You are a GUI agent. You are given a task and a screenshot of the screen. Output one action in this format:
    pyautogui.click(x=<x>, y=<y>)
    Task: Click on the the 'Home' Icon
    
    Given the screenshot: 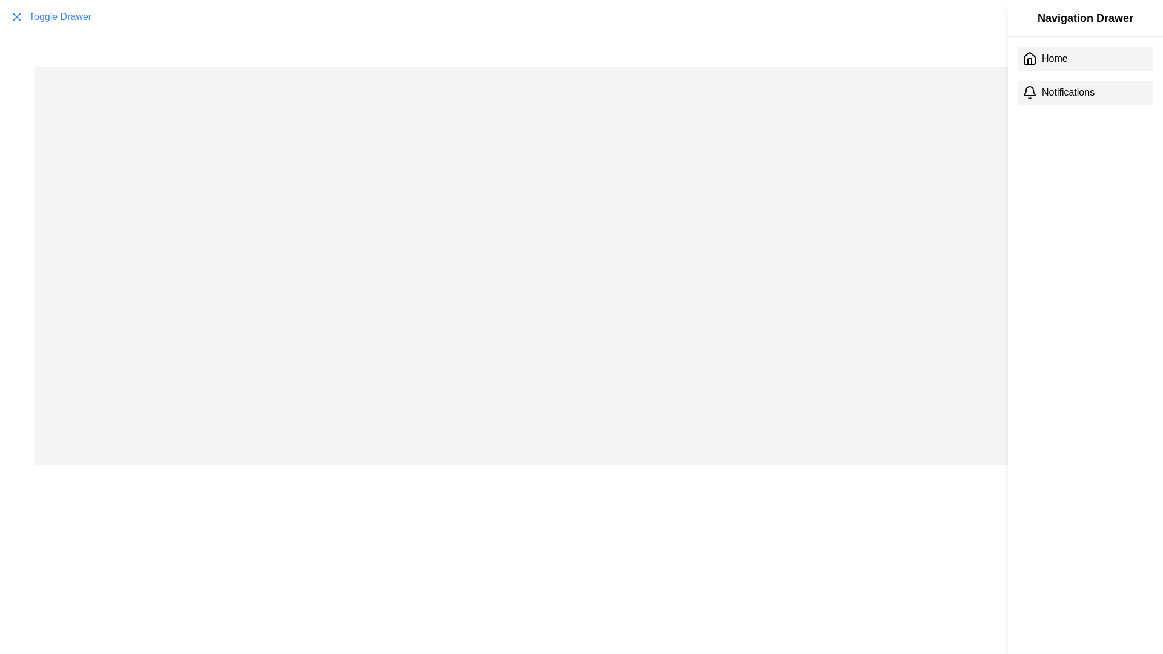 What is the action you would take?
    pyautogui.click(x=1029, y=58)
    